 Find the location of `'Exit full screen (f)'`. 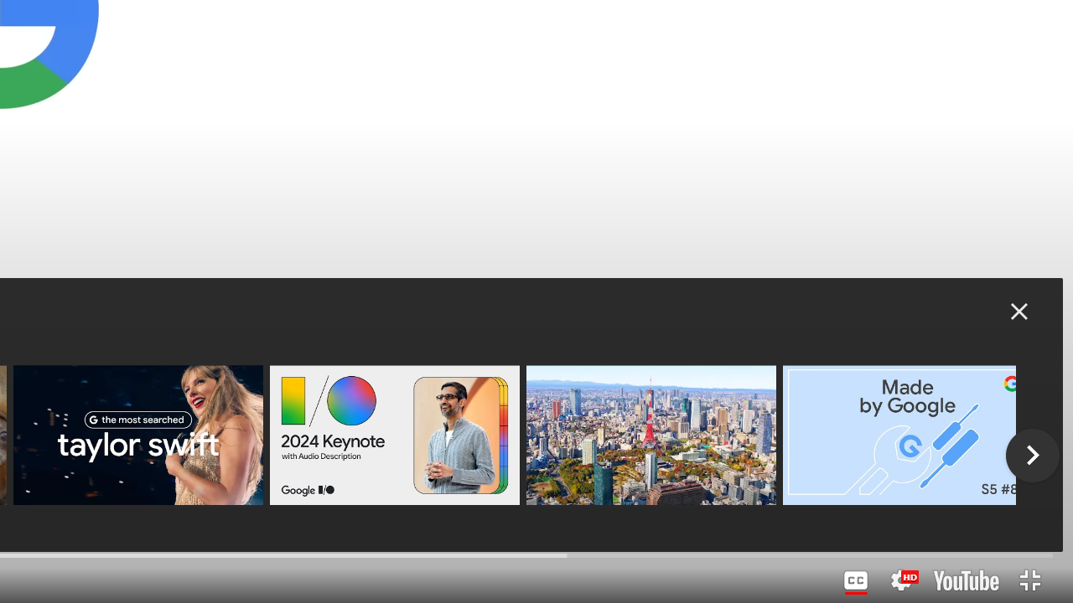

'Exit full screen (f)' is located at coordinates (1029, 580).